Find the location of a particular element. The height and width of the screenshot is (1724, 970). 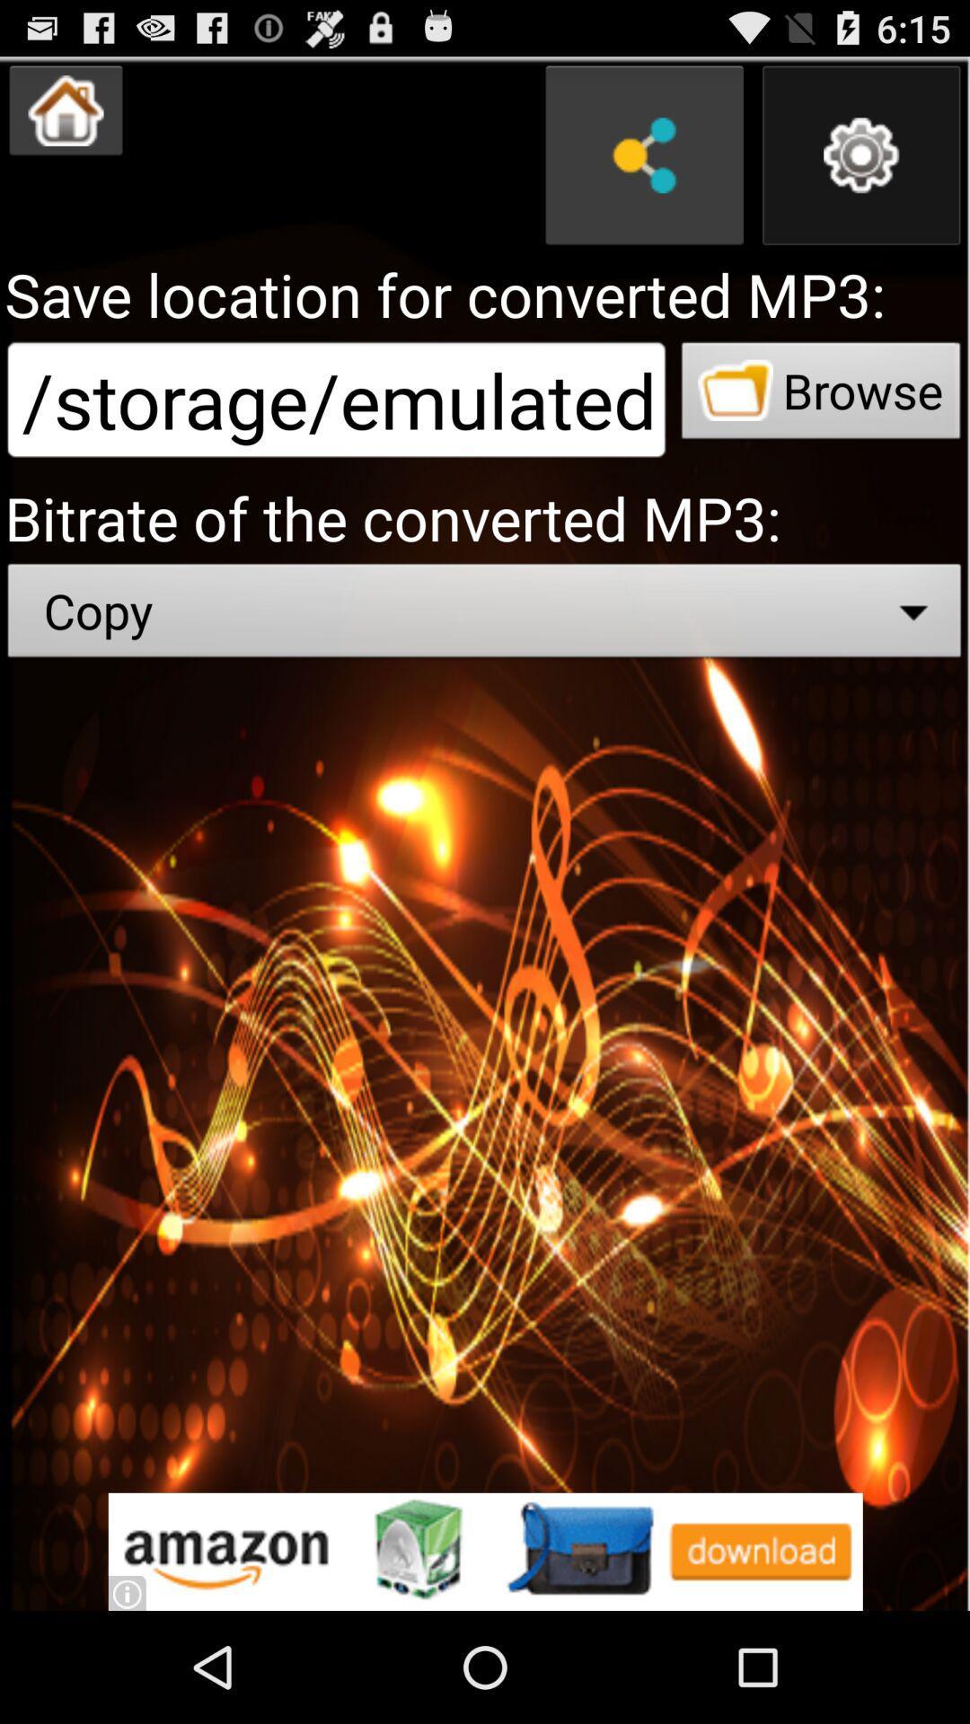

config is located at coordinates (860, 155).